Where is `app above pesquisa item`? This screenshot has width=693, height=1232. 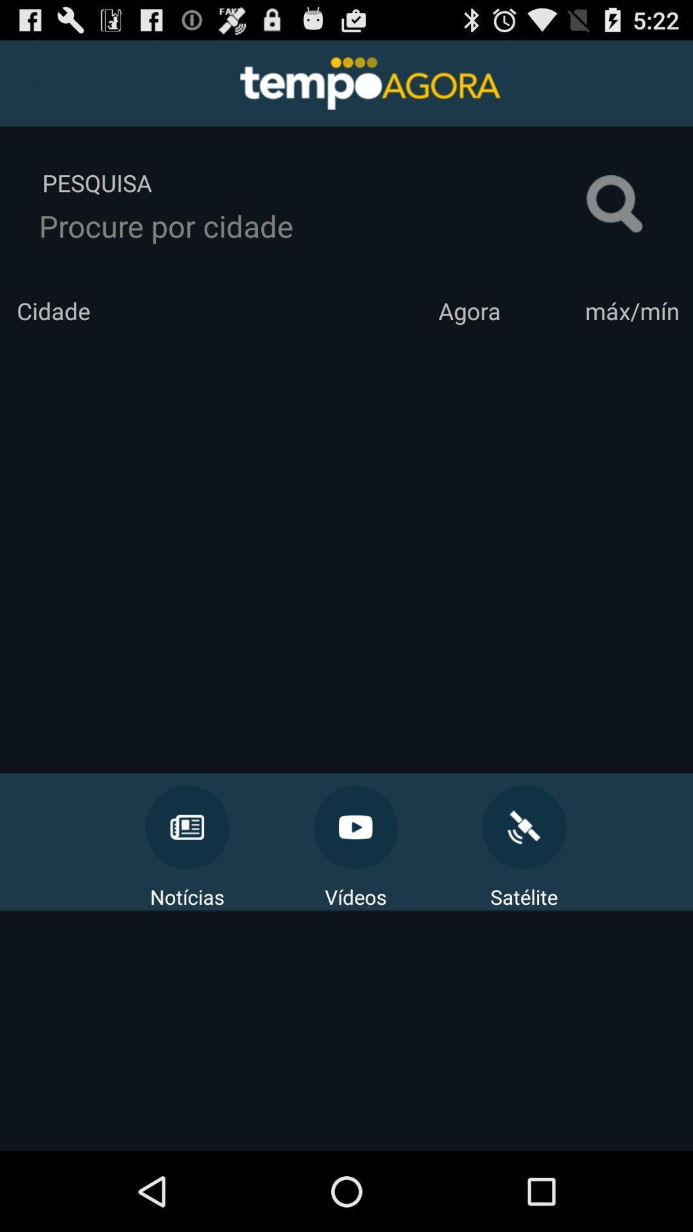
app above pesquisa item is located at coordinates (39, 80).